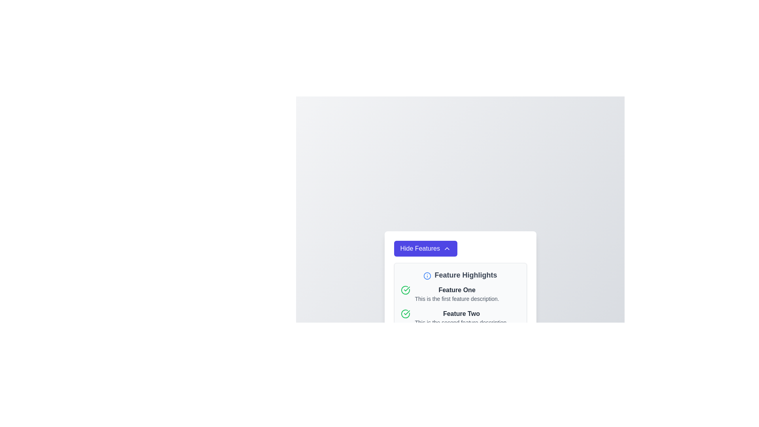 The width and height of the screenshot is (759, 427). I want to click on header text 'Feature Highlights' which is displayed in large, bold, gray-colored font, located centrally in the lower section of the interface, so click(466, 274).